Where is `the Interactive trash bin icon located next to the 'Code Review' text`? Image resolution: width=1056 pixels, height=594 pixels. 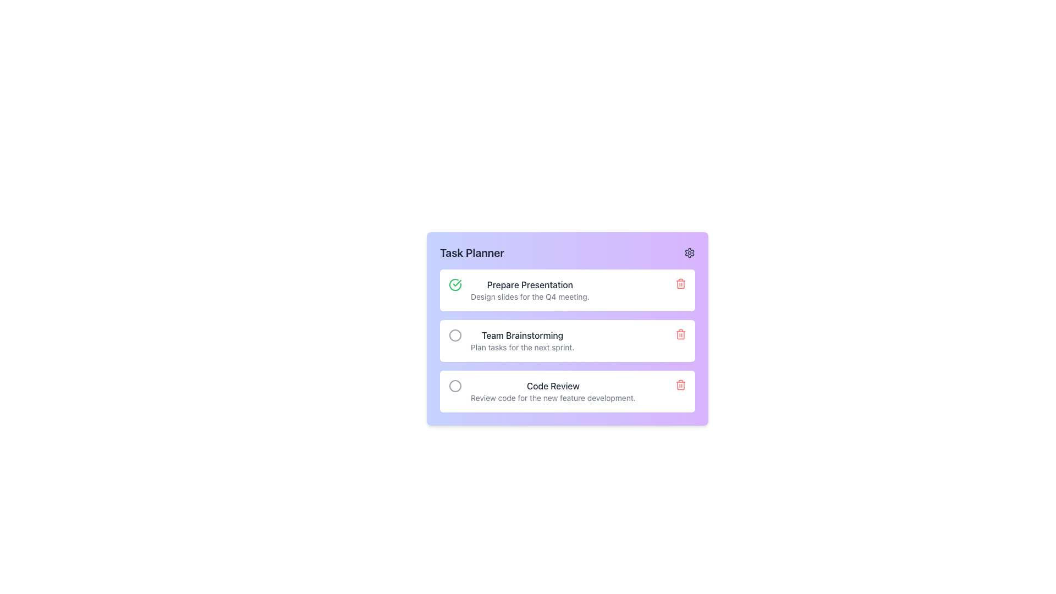
the Interactive trash bin icon located next to the 'Code Review' text is located at coordinates (680, 384).